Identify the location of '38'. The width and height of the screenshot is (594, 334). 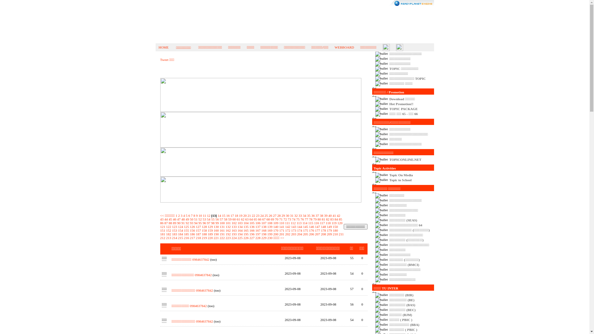
(320, 215).